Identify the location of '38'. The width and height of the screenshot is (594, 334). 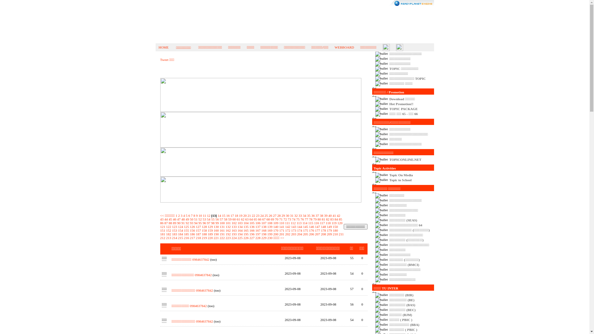
(320, 215).